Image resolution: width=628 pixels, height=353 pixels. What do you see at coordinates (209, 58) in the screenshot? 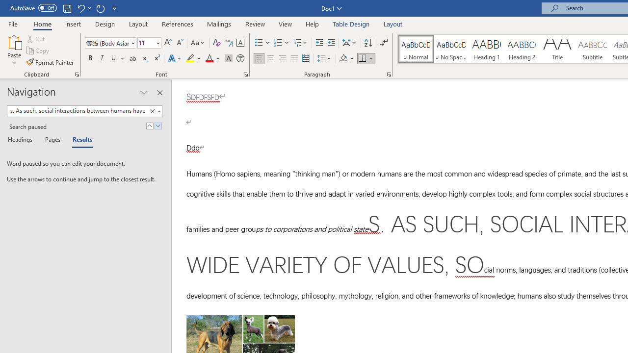
I see `'Font Color RGB(255, 0, 0)'` at bounding box center [209, 58].